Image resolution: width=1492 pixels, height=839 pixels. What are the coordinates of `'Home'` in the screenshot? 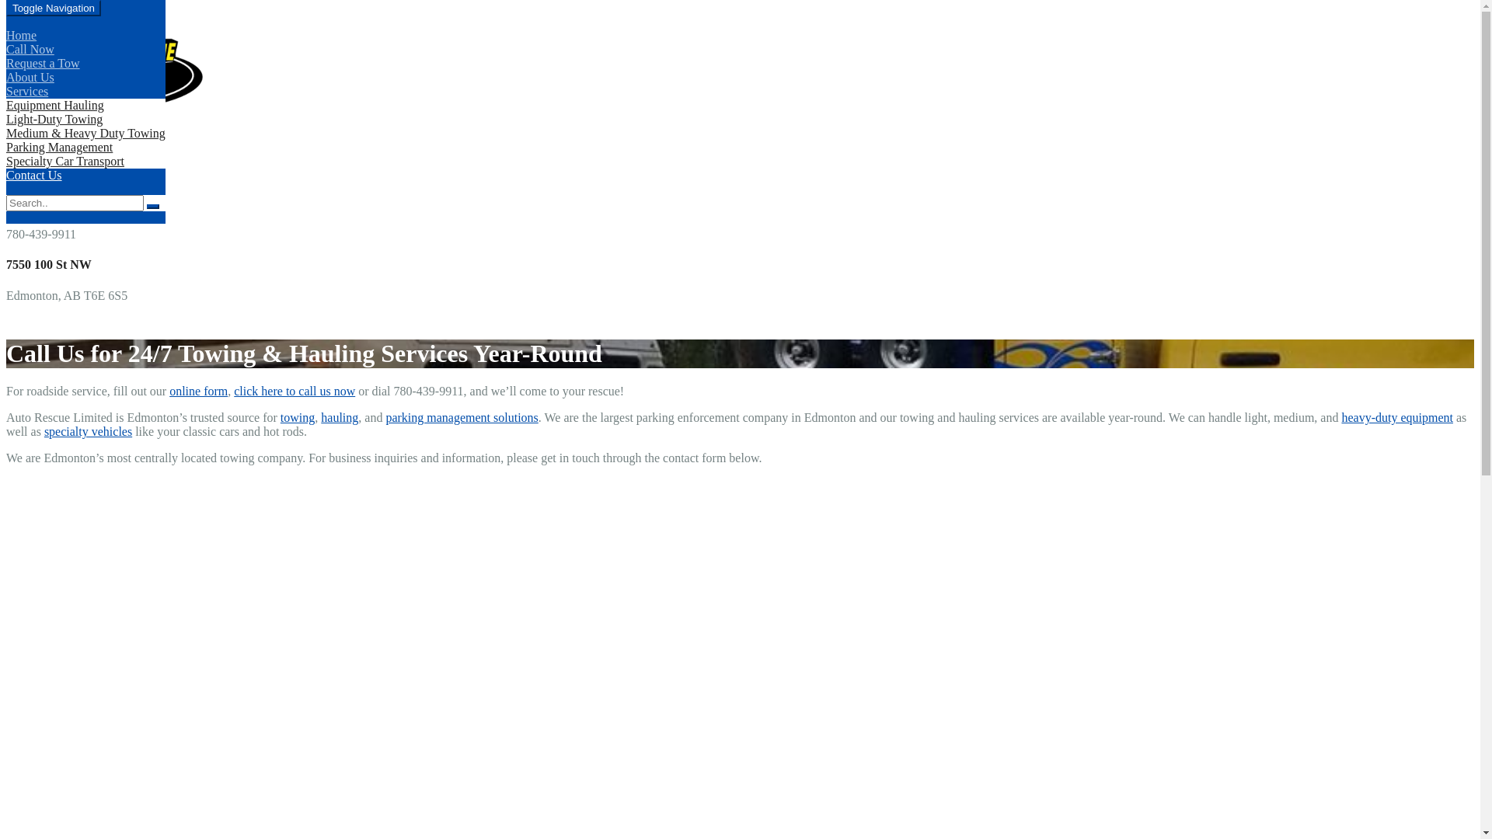 It's located at (21, 35).